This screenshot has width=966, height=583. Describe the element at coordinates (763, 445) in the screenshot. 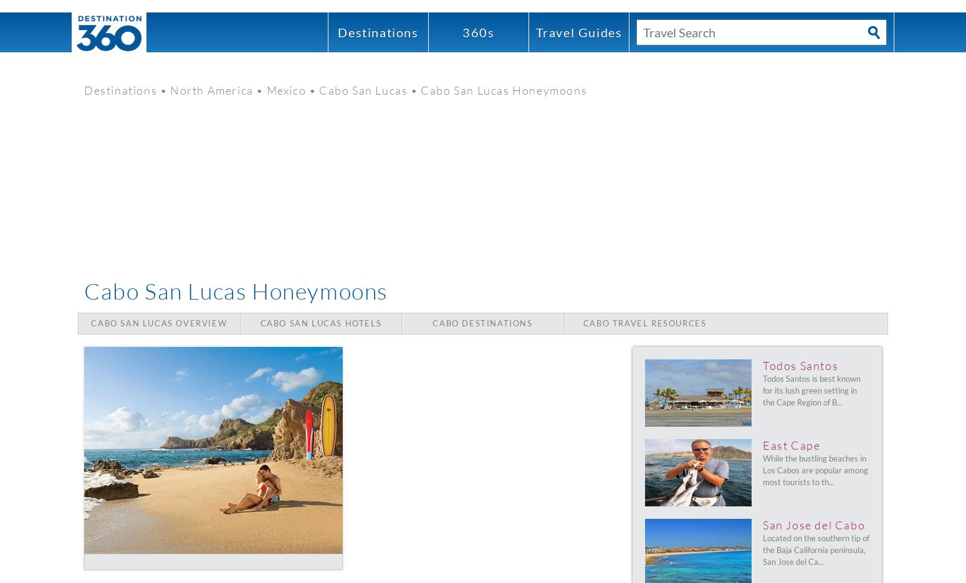

I see `'East Cape'` at that location.